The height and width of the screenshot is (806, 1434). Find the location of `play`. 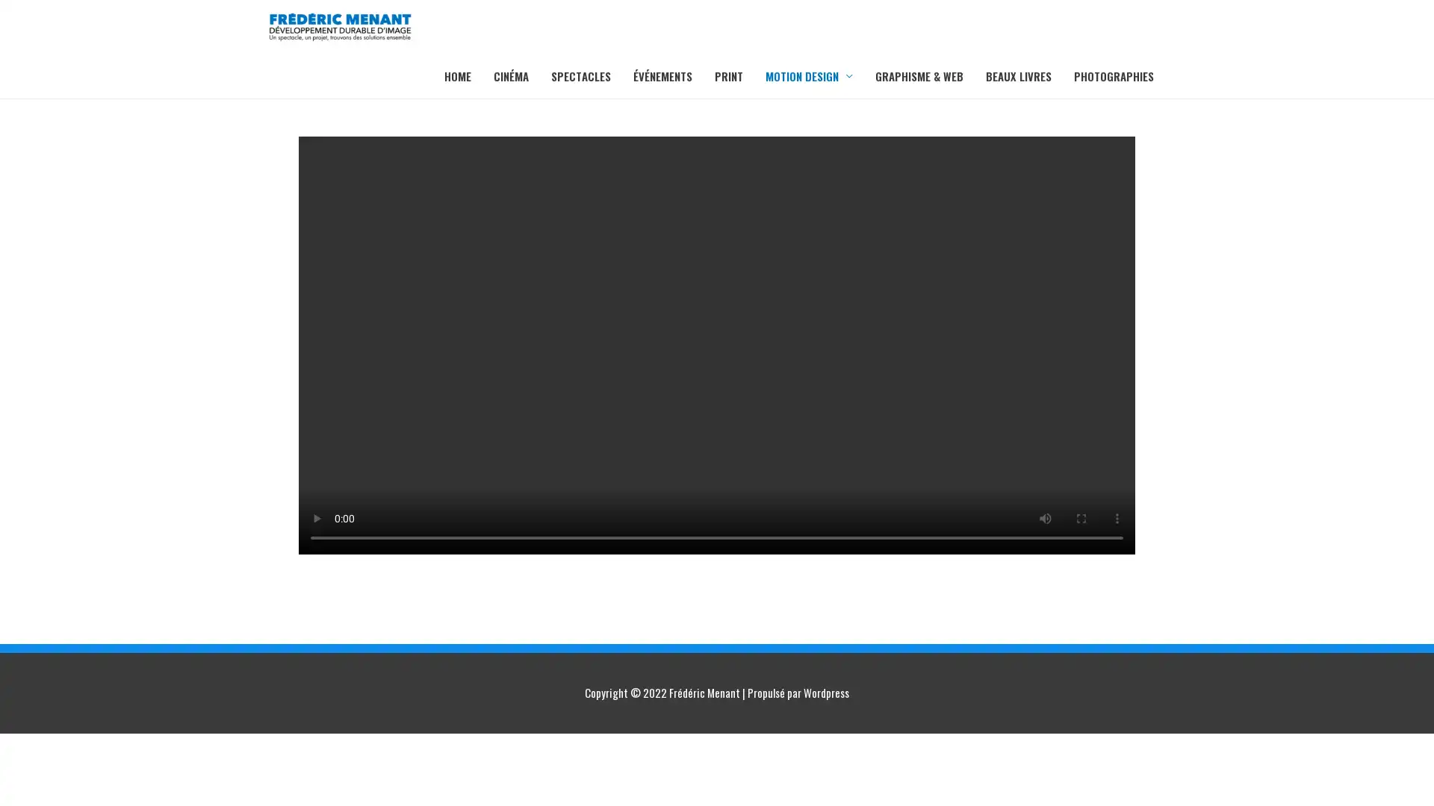

play is located at coordinates (315, 517).